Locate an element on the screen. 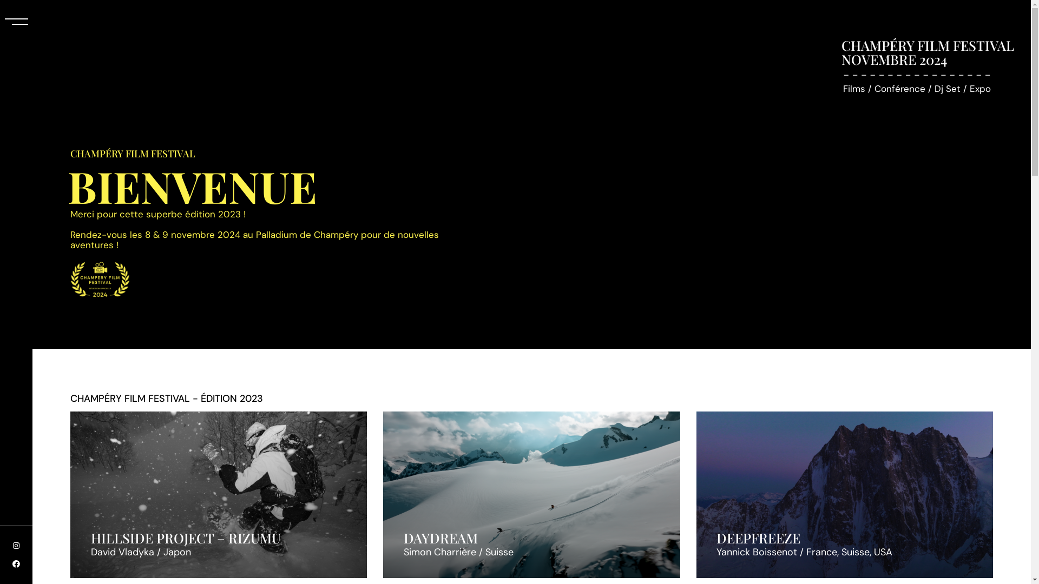 Image resolution: width=1039 pixels, height=584 pixels. 'Suisse' is located at coordinates (854, 553).